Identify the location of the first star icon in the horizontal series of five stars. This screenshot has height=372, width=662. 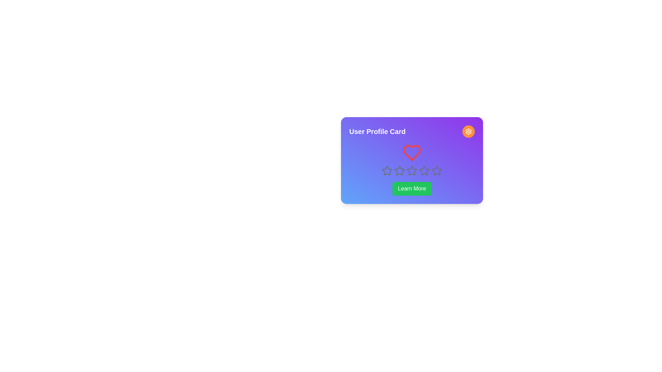
(387, 170).